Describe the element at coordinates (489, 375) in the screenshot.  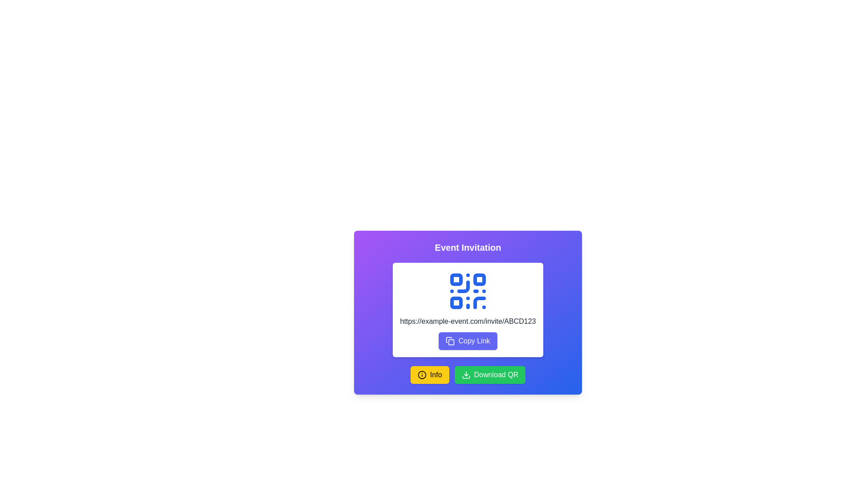
I see `the button located to the right of the yellow 'Info' button in the lower-right corner of the invitation card interface to initiate the download of the QR code` at that location.